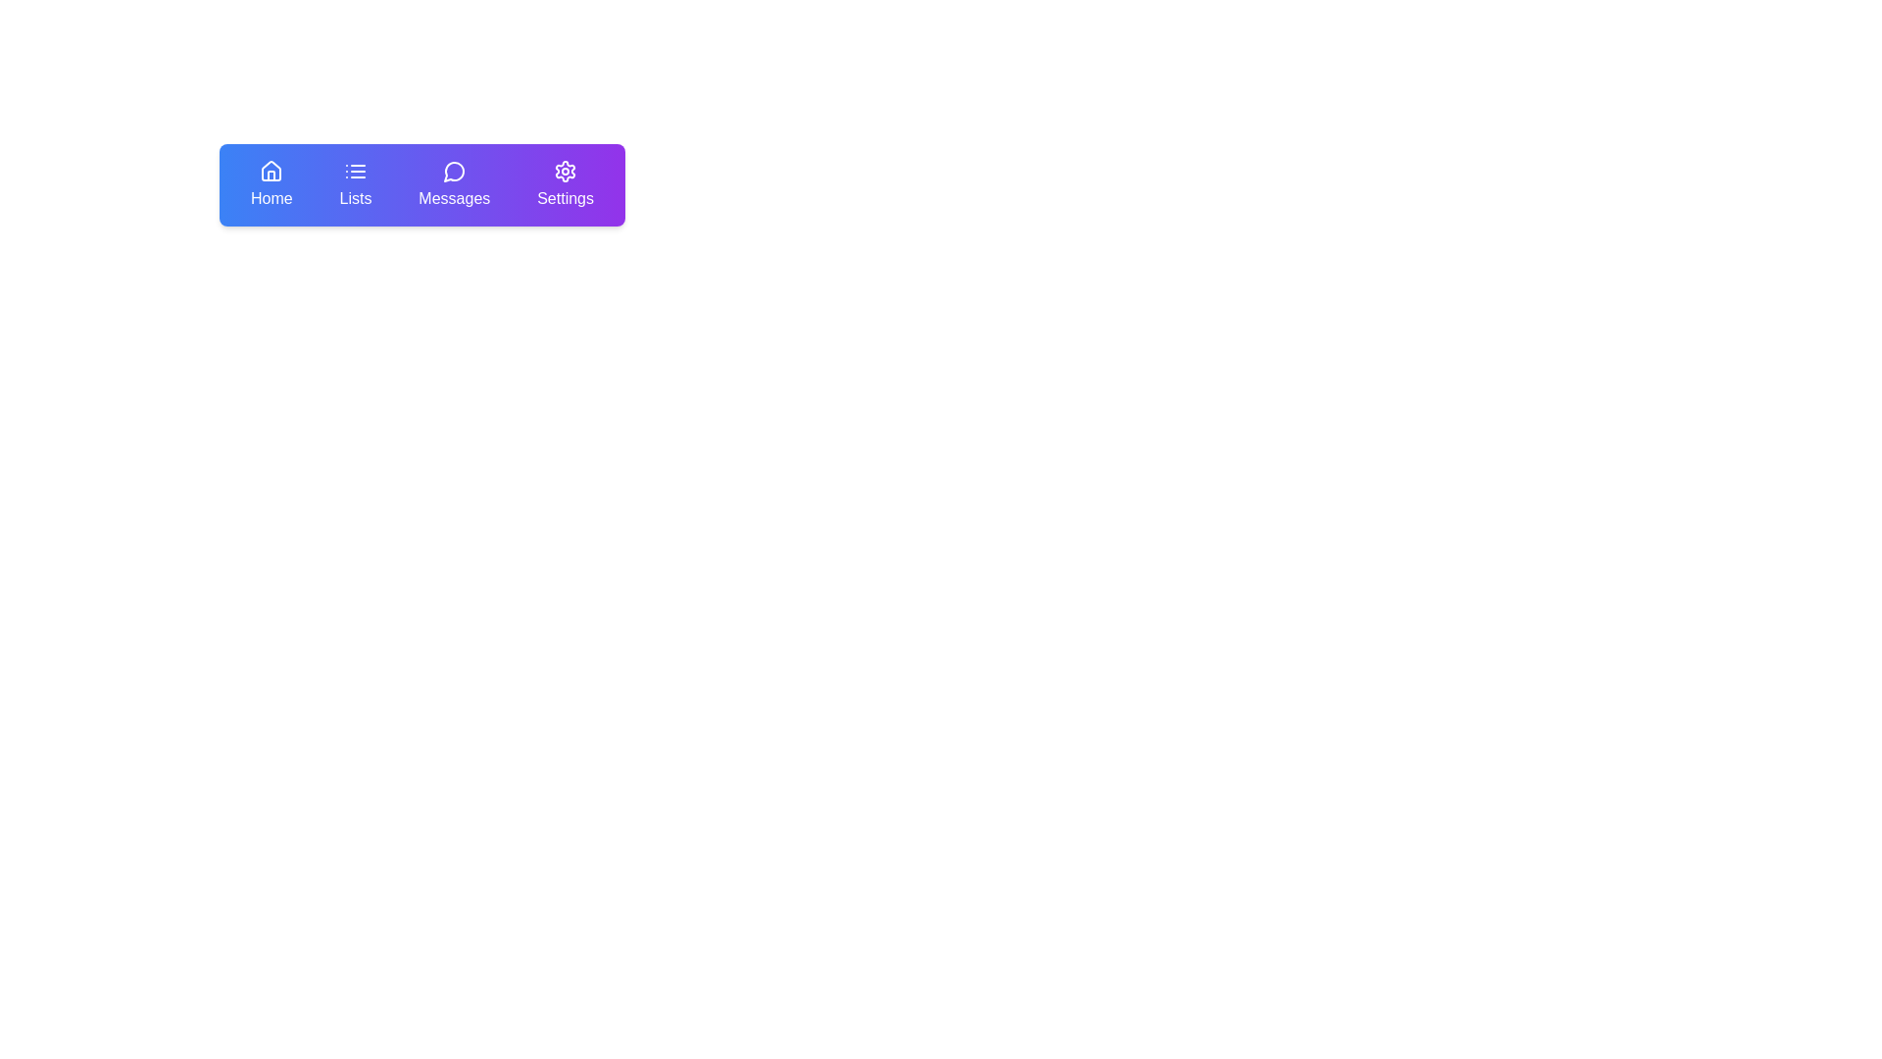 This screenshot has width=1882, height=1059. What do you see at coordinates (565, 170) in the screenshot?
I see `the gear-shaped settings icon, which is displayed in white lines on a purple background, located on the far right side of the navigational toolbar` at bounding box center [565, 170].